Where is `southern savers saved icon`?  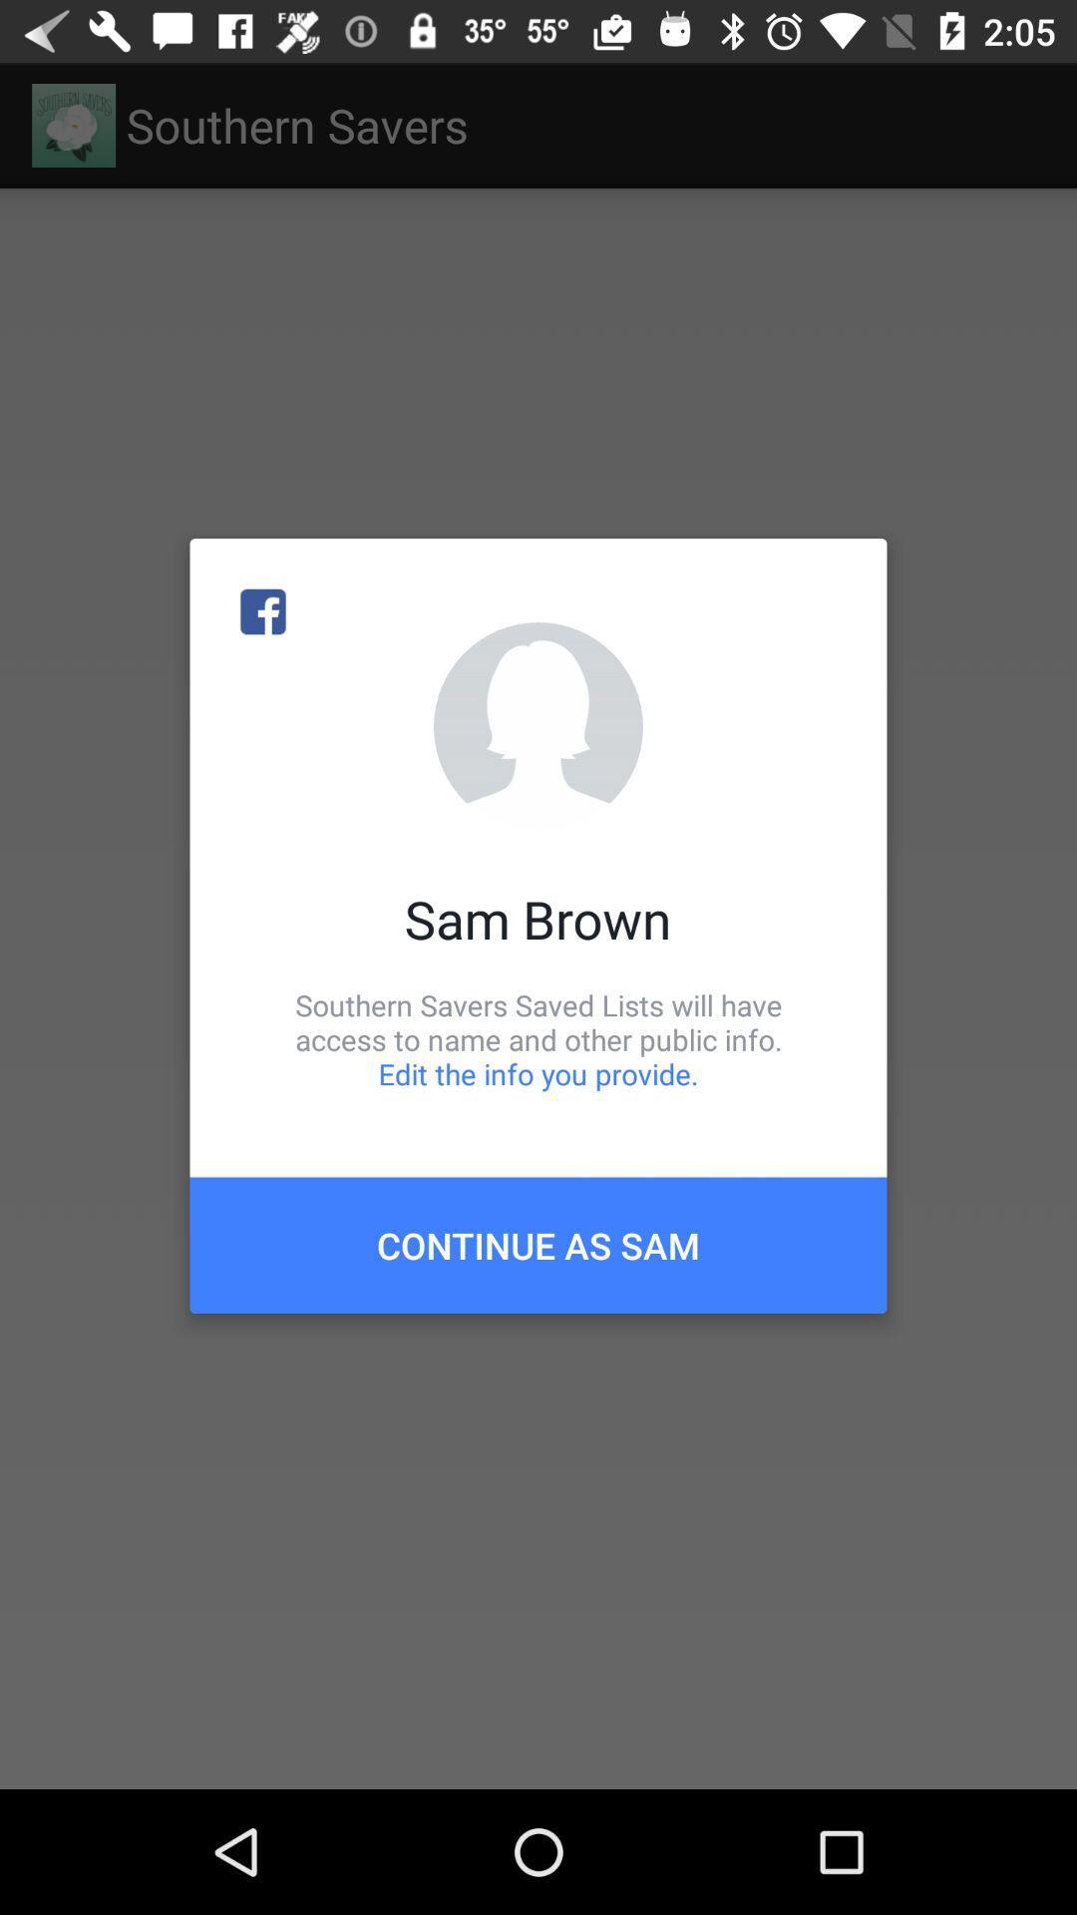
southern savers saved icon is located at coordinates (538, 1038).